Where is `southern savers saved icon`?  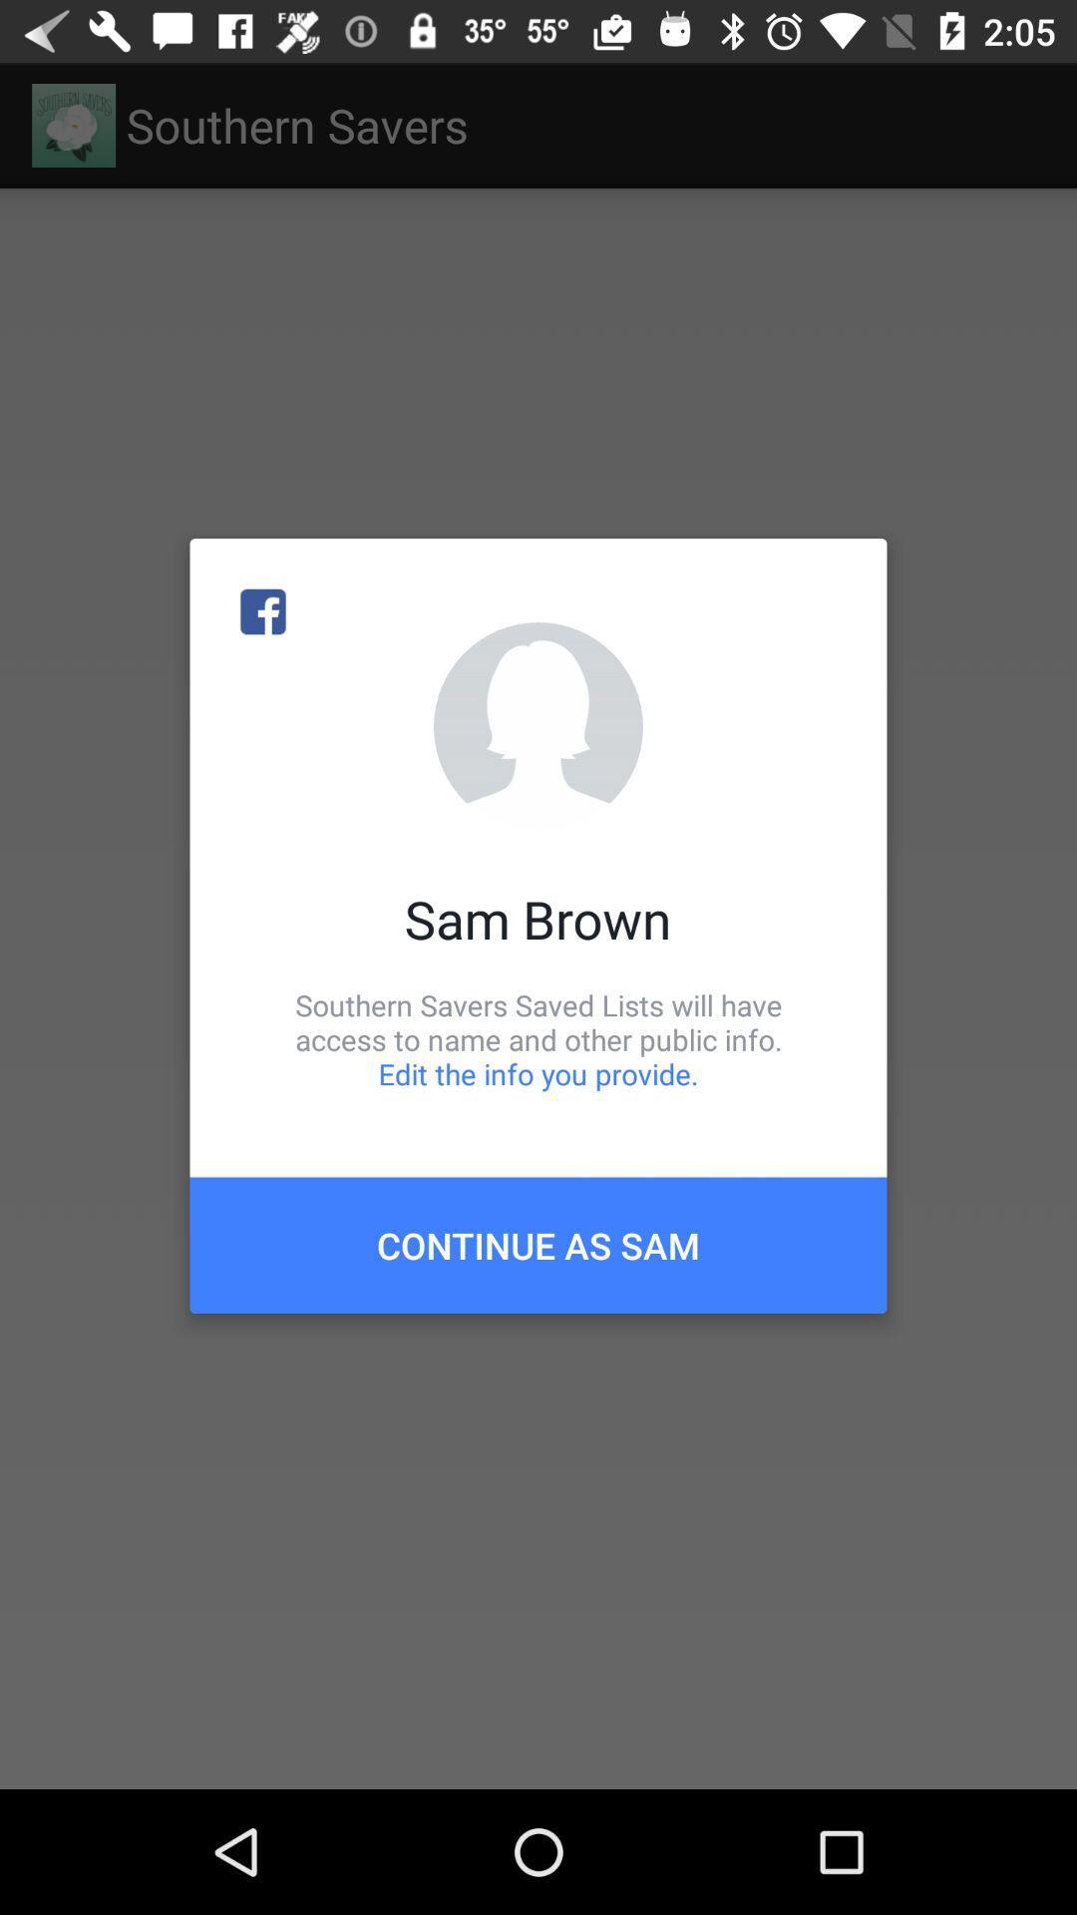
southern savers saved icon is located at coordinates (538, 1038).